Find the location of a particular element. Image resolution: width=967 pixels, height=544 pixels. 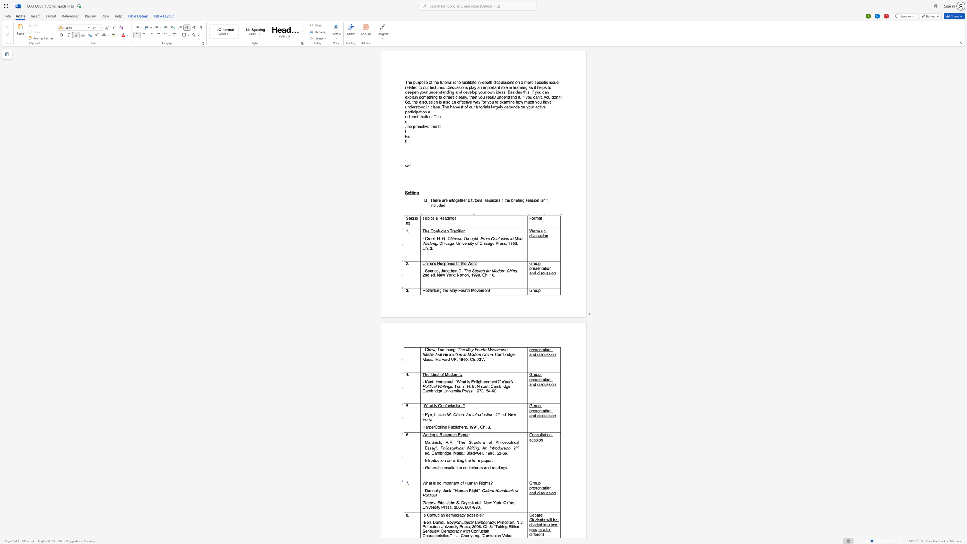

the 1th character "a" in the text is located at coordinates (429, 442).